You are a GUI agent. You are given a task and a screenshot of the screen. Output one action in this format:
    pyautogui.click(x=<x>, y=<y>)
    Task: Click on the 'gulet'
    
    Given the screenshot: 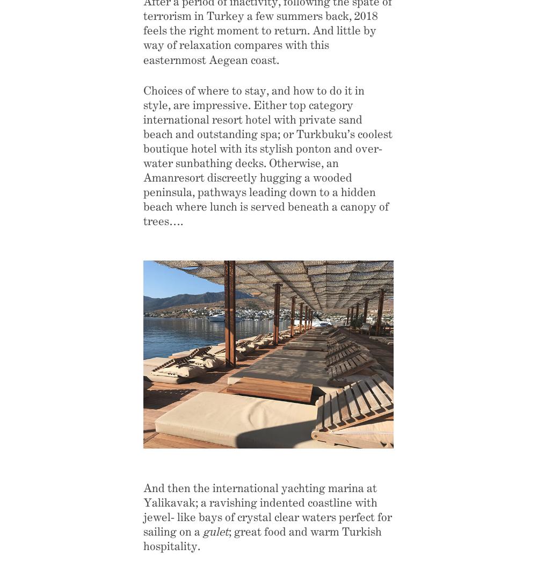 What is the action you would take?
    pyautogui.click(x=202, y=531)
    